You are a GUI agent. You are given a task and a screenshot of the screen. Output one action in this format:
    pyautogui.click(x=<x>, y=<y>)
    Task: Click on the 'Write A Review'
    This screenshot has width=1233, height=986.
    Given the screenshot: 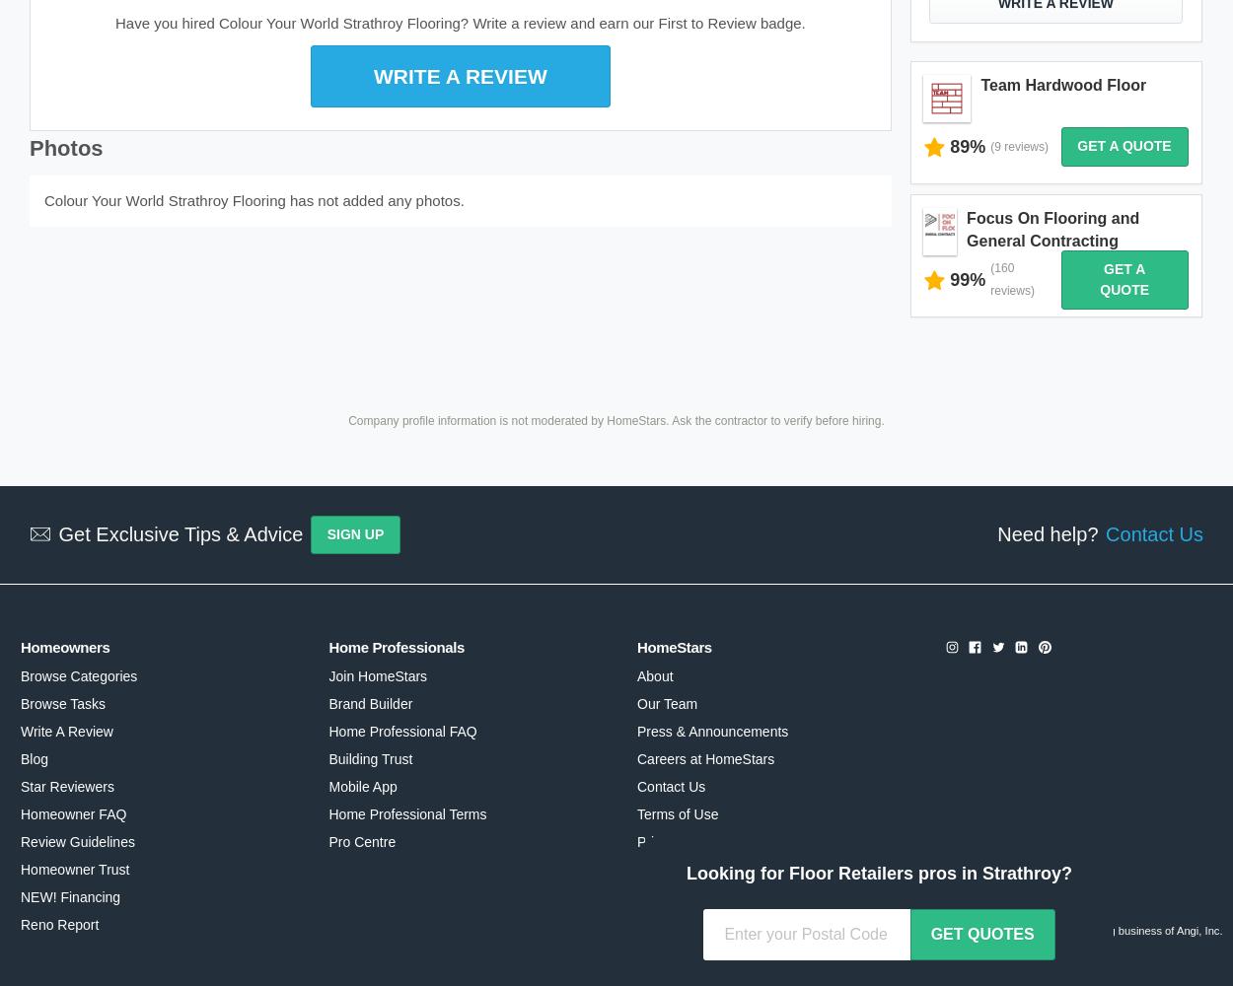 What is the action you would take?
    pyautogui.click(x=65, y=731)
    